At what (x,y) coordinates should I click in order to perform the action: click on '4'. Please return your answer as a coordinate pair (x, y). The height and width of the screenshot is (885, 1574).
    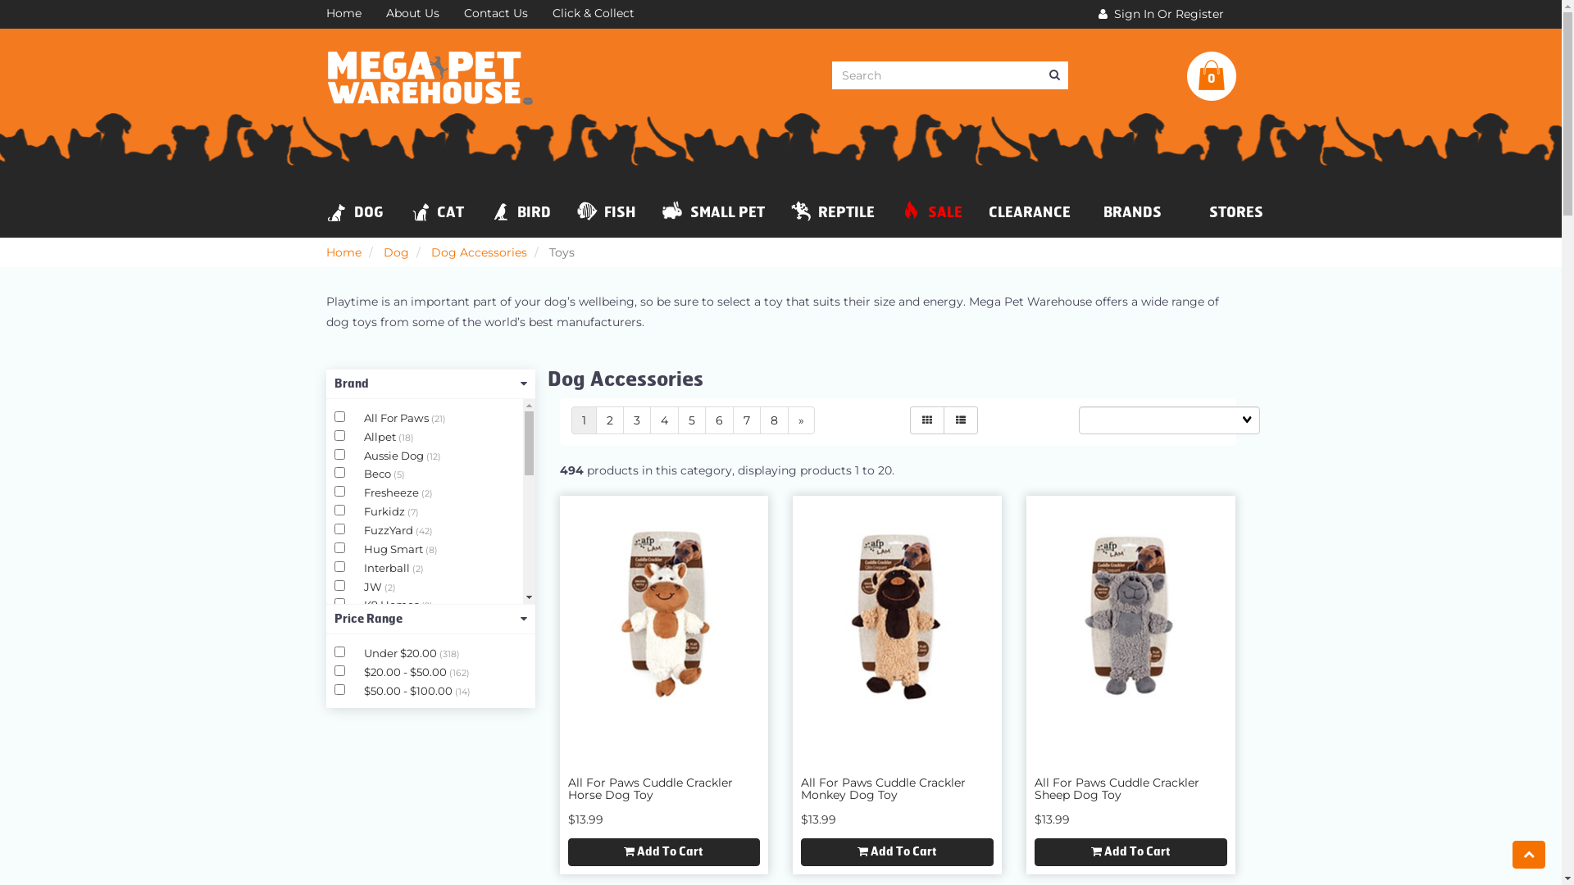
    Looking at the image, I should click on (648, 420).